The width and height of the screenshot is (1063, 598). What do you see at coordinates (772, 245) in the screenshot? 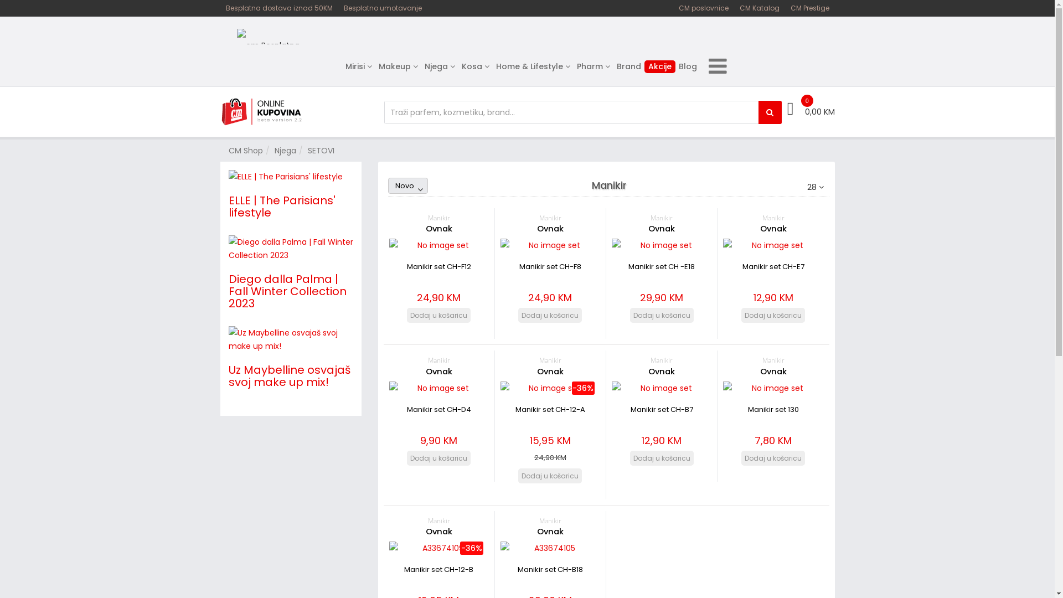
I see `'Manikir set CH-E7'` at bounding box center [772, 245].